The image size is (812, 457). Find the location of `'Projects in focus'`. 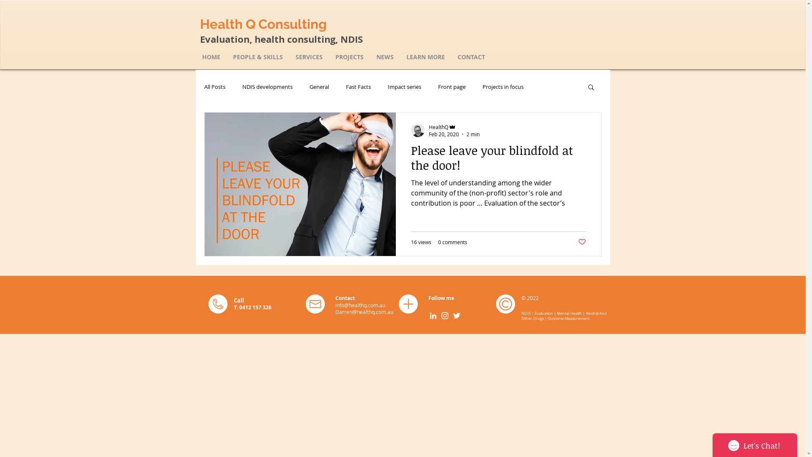

'Projects in focus' is located at coordinates (502, 86).